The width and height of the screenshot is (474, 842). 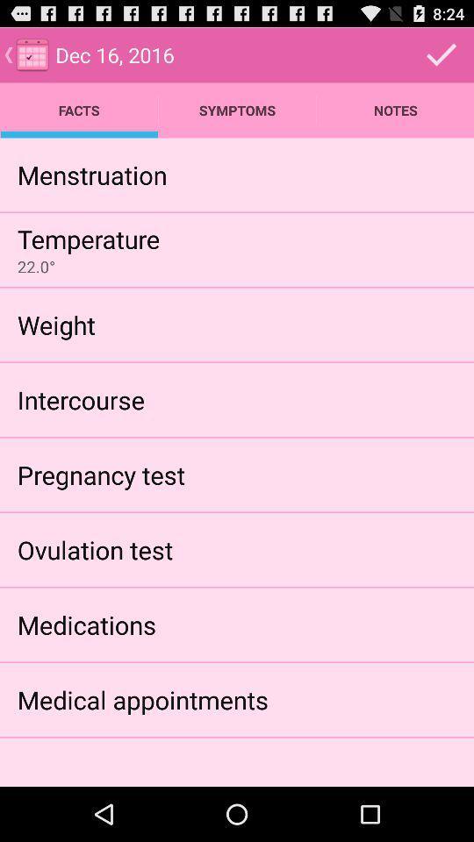 What do you see at coordinates (80, 399) in the screenshot?
I see `app below weight icon` at bounding box center [80, 399].